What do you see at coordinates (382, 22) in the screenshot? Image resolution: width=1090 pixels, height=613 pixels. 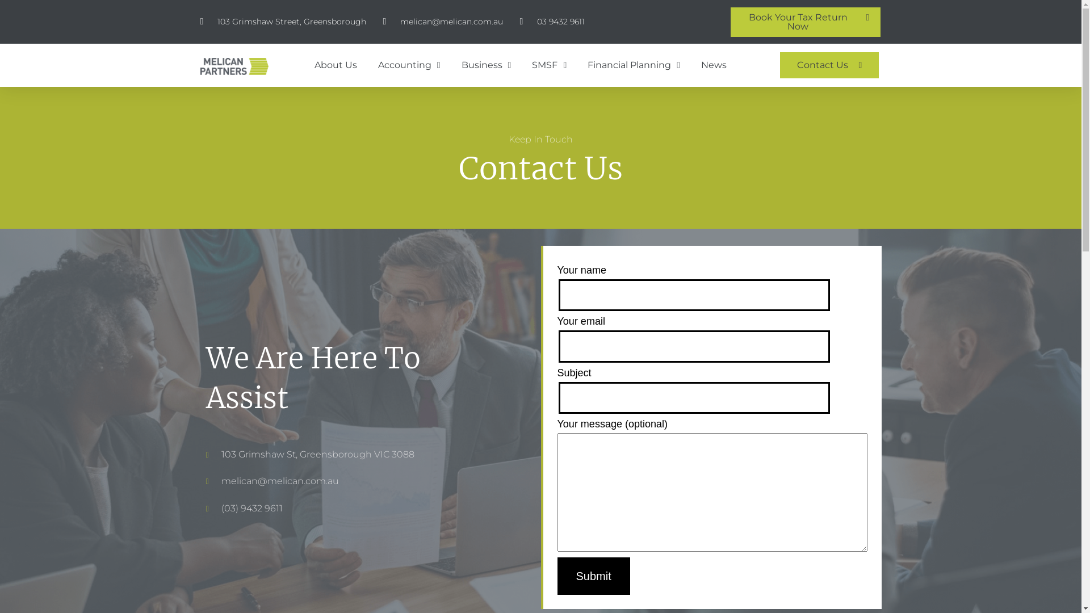 I see `'melican@melican.com.au'` at bounding box center [382, 22].